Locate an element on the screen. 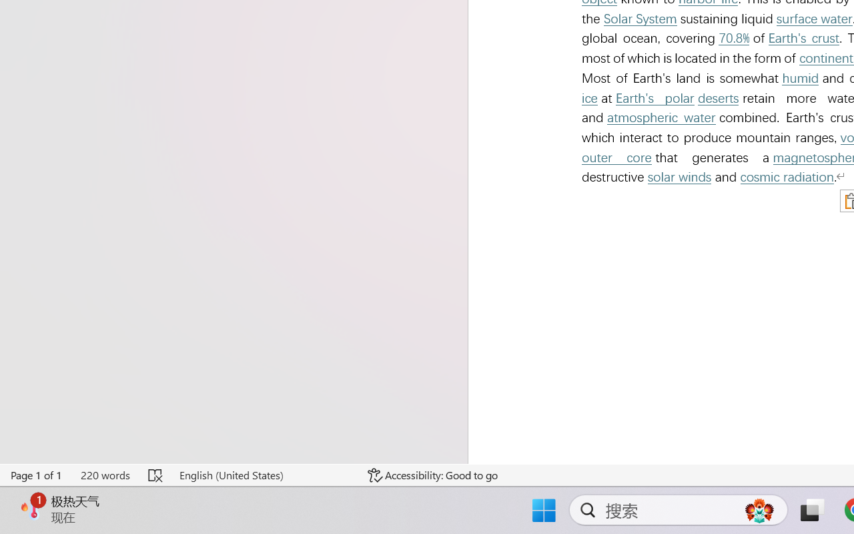  'atmospheric water' is located at coordinates (661, 117).